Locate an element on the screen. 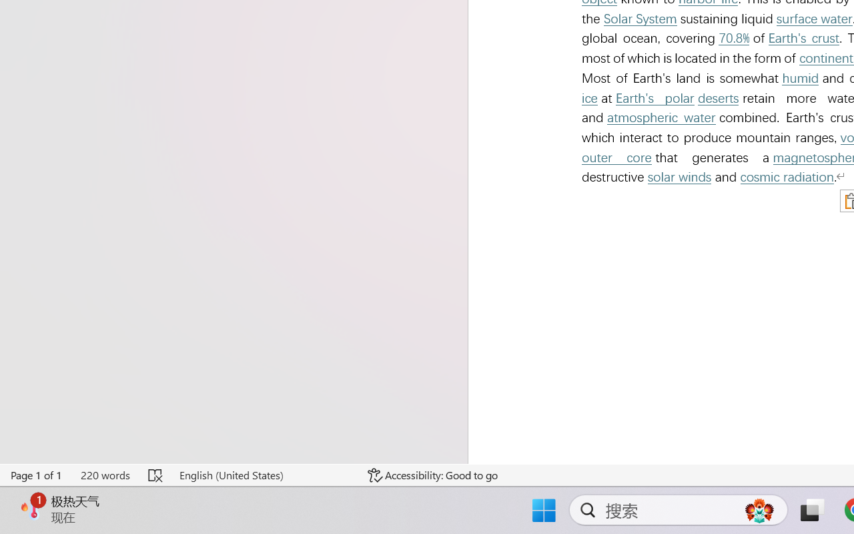  'atmospheric water' is located at coordinates (661, 117).